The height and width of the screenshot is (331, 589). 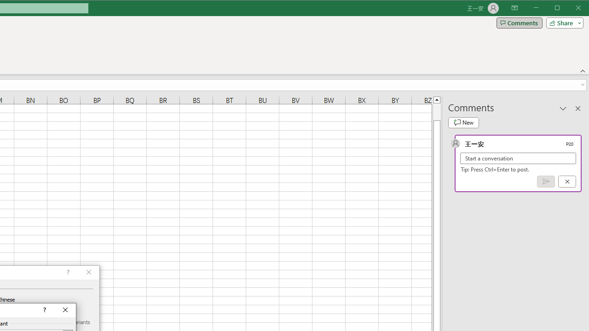 I want to click on 'Page up', so click(x=436, y=111).